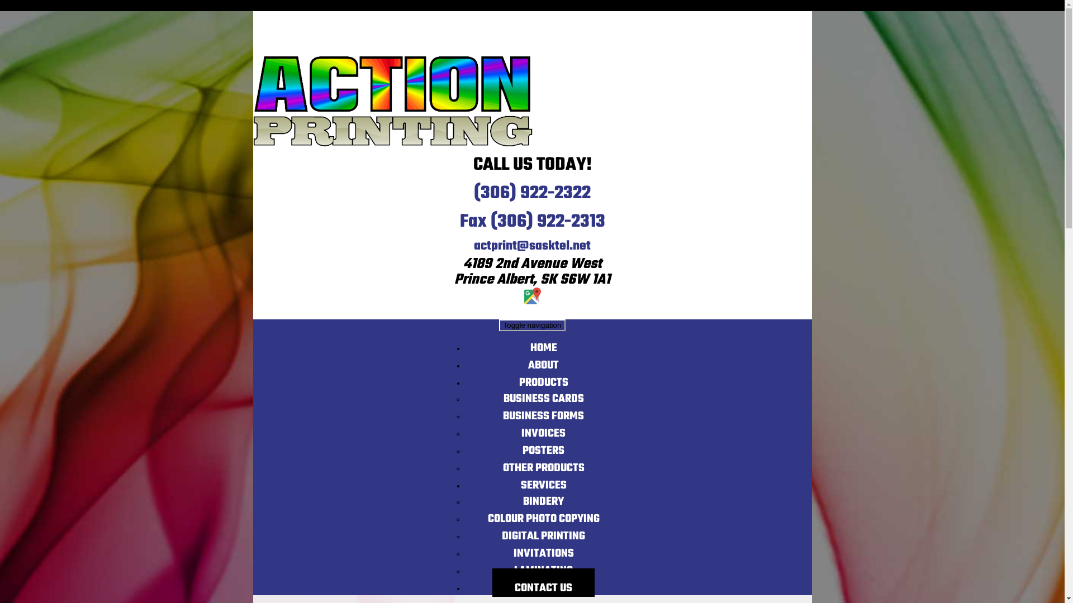 The height and width of the screenshot is (603, 1073). I want to click on 'HOME', so click(543, 342).